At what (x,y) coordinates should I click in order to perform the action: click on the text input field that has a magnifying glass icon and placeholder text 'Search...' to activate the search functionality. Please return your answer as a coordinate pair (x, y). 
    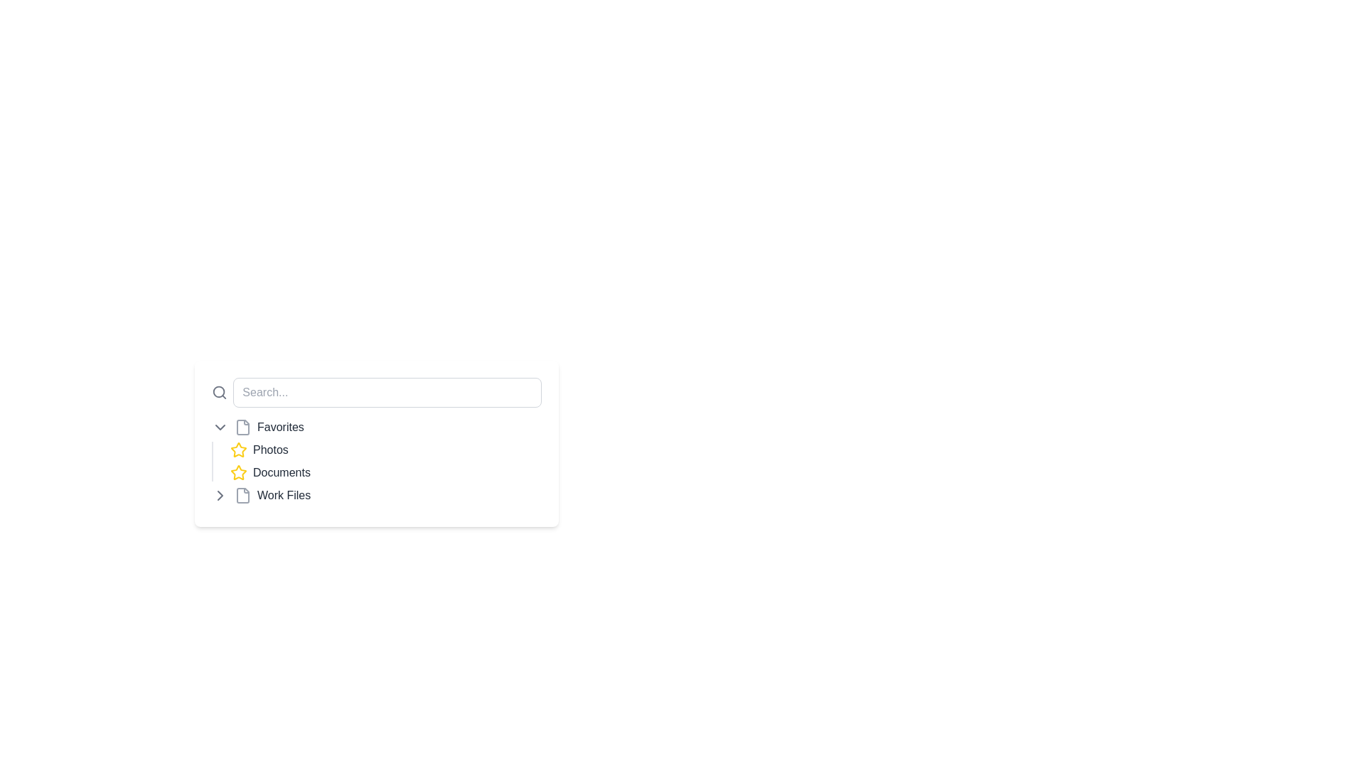
    Looking at the image, I should click on (376, 392).